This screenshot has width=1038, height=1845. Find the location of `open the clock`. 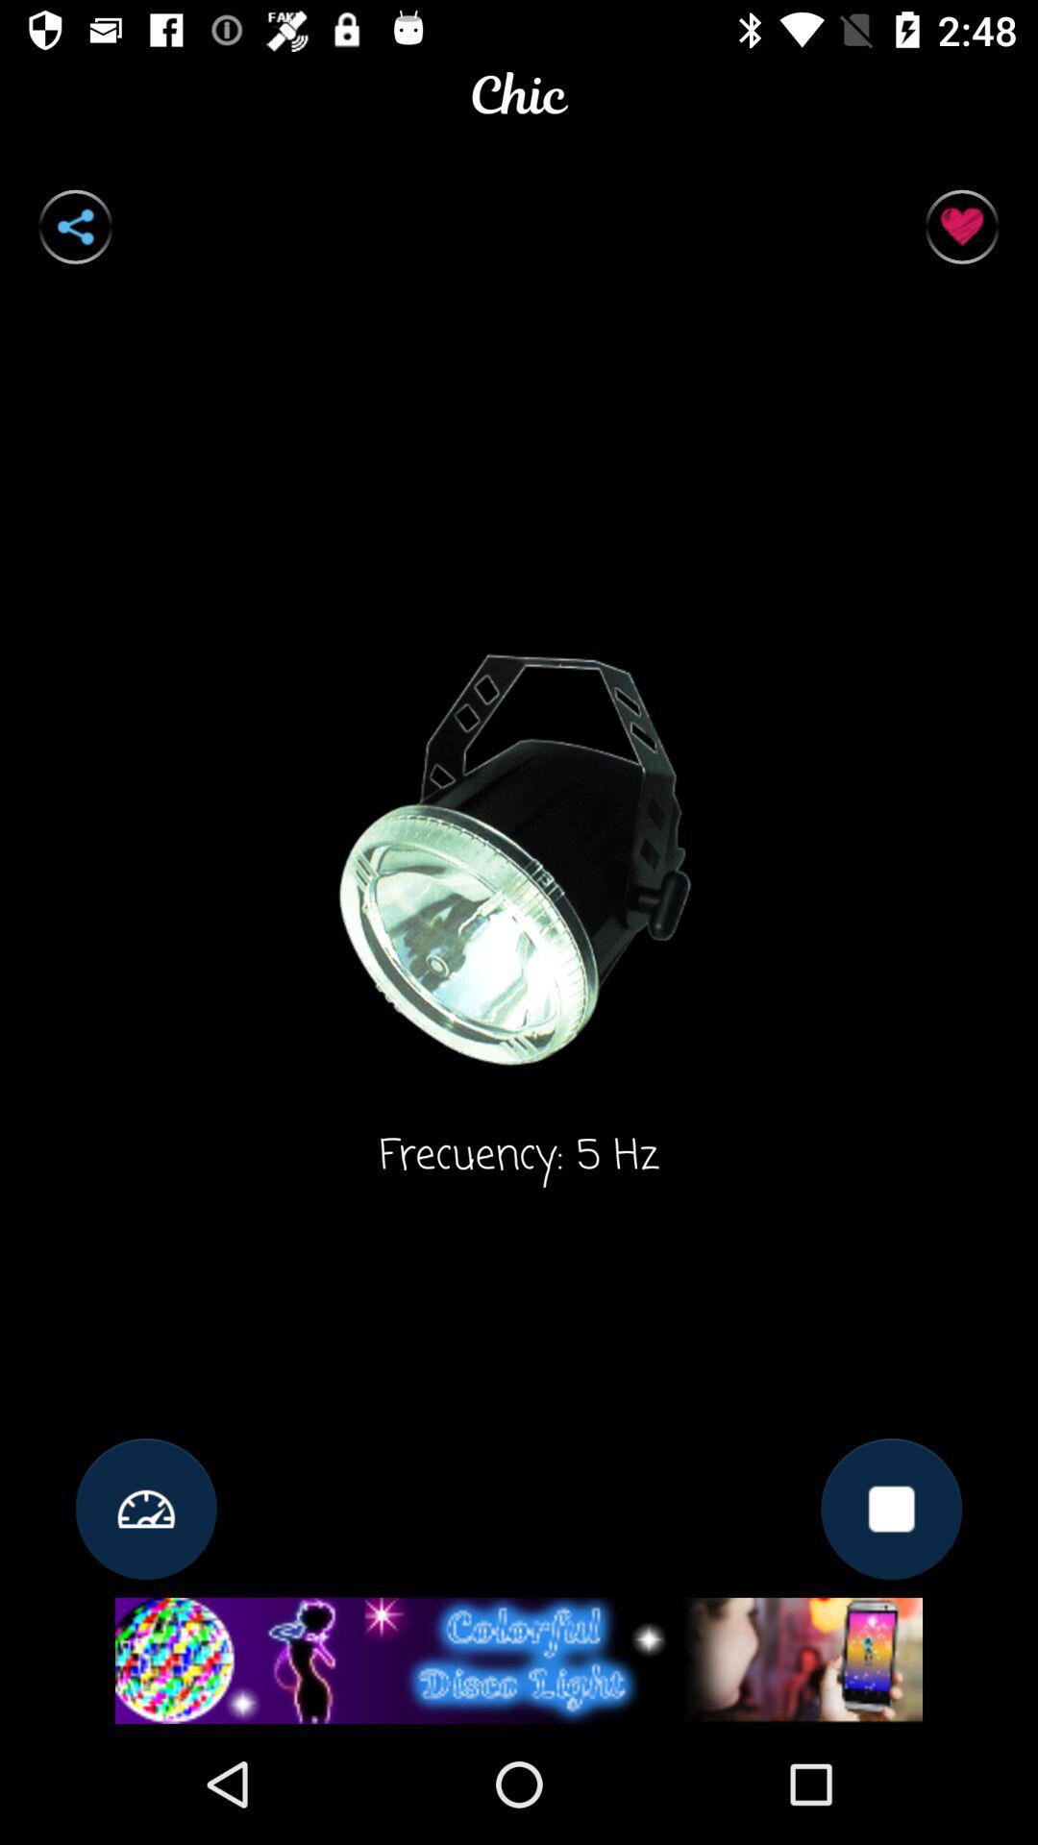

open the clock is located at coordinates (145, 1508).